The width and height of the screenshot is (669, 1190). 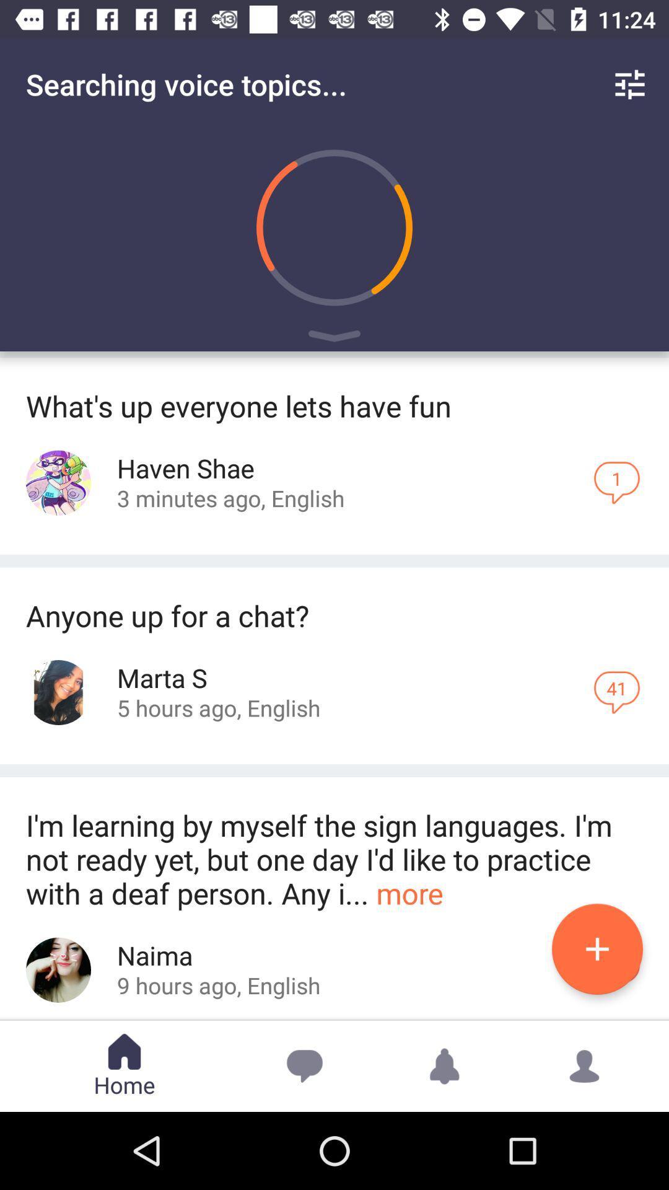 I want to click on the symbol at the bottom right of the page, so click(x=585, y=1065).